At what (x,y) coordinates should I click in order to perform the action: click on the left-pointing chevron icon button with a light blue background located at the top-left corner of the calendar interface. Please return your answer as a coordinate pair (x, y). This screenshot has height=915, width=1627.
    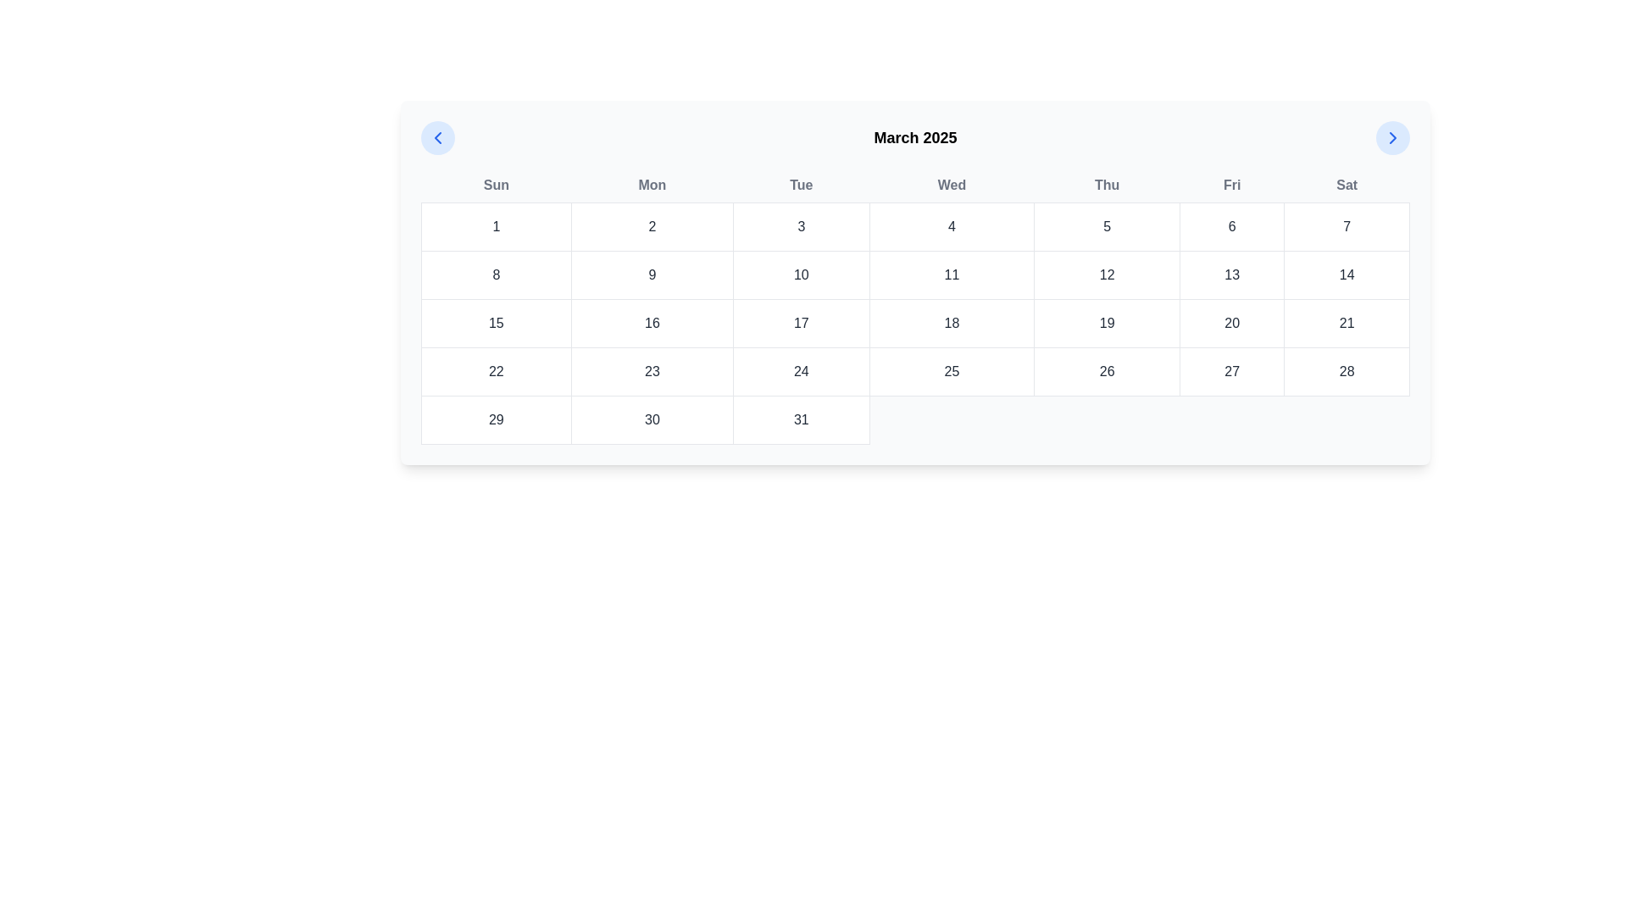
    Looking at the image, I should click on (438, 136).